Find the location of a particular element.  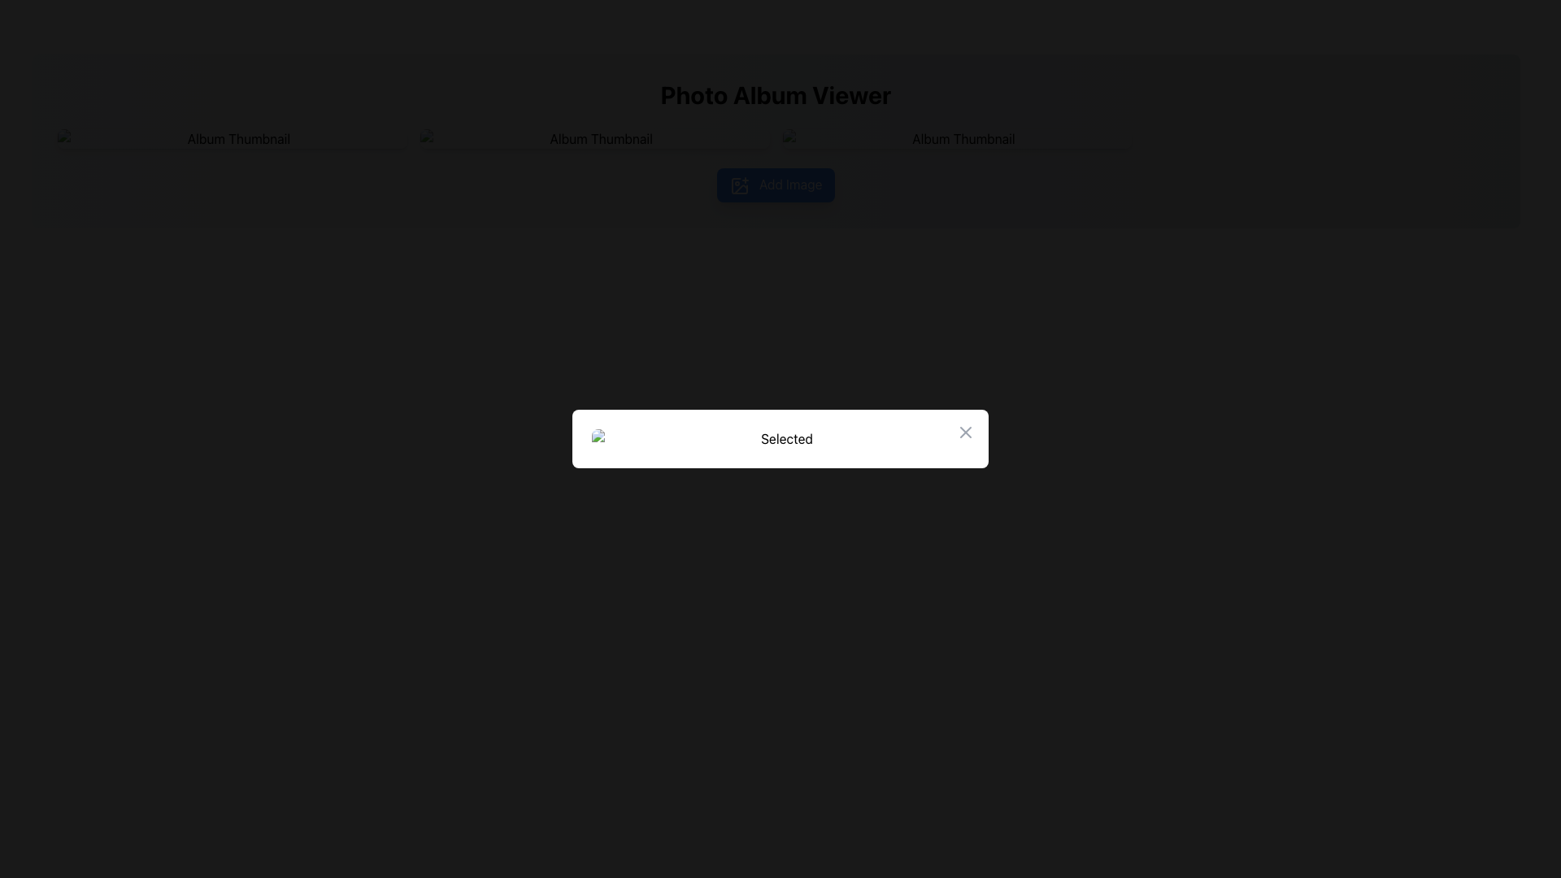

the text heading 'Photo Album Viewer', which is styled in a large, bold font and centered at the top of the interface is located at coordinates (775, 94).